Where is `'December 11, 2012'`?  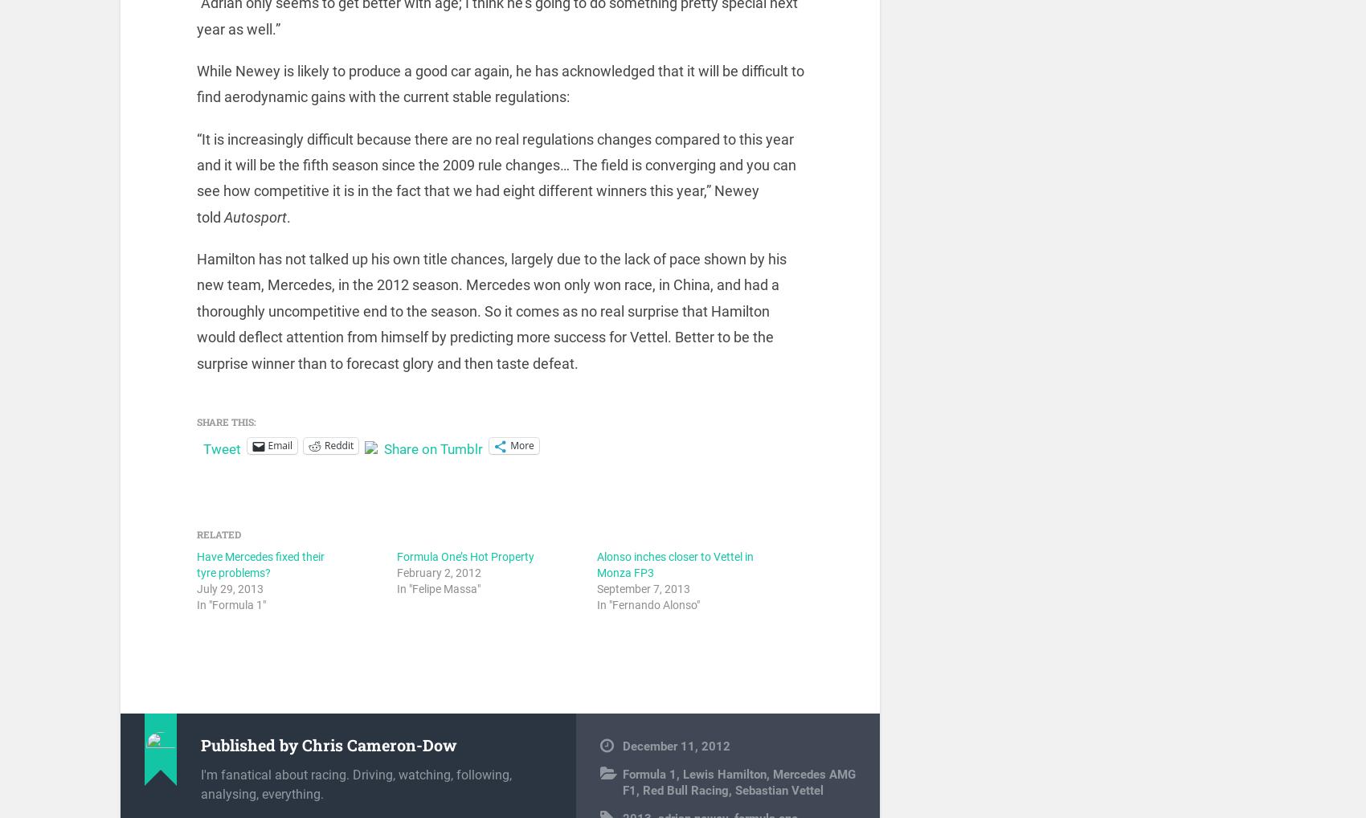
'December 11, 2012' is located at coordinates (676, 755).